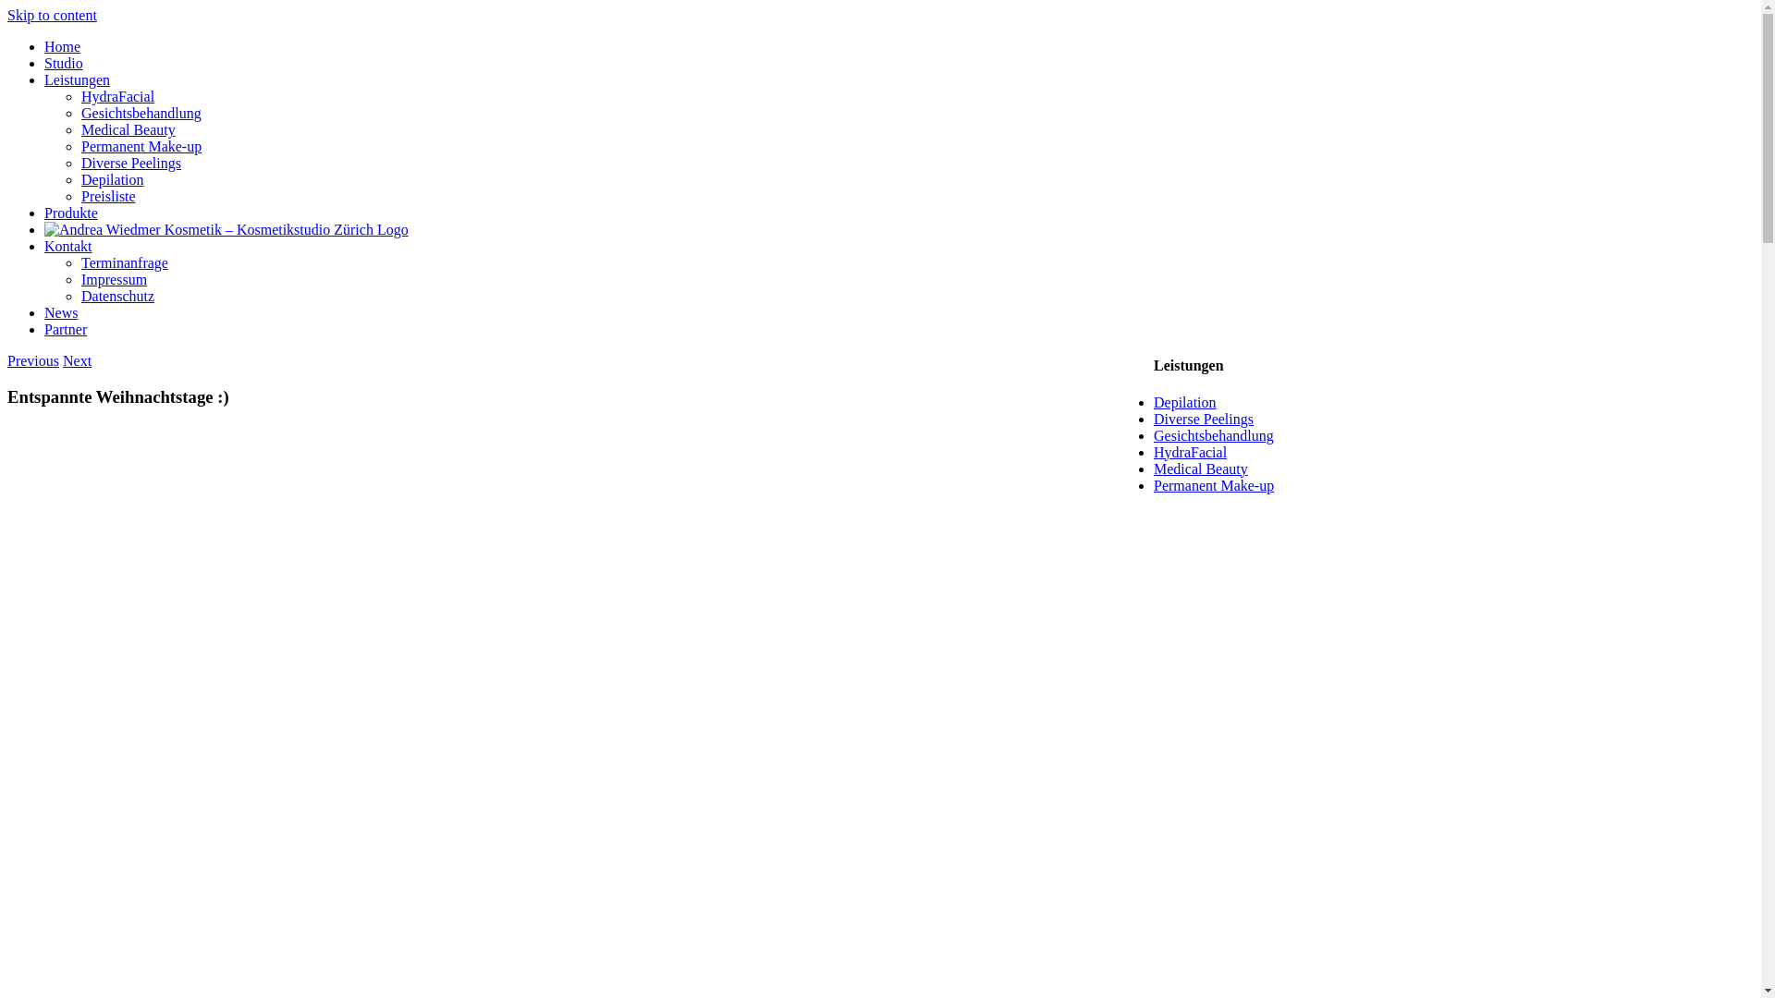 This screenshot has height=998, width=1775. Describe the element at coordinates (76, 360) in the screenshot. I see `'Next'` at that location.